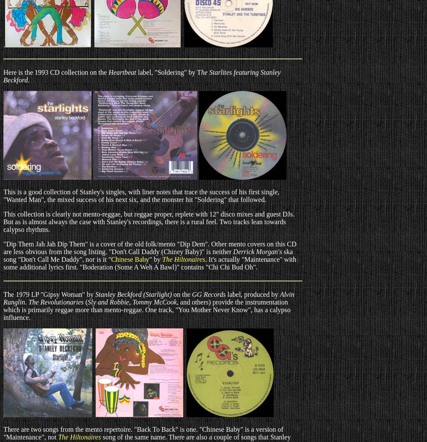 This screenshot has width=427, height=442. Describe the element at coordinates (49, 294) in the screenshot. I see `'The 1979 LP "Gipsy Woman" by'` at that location.